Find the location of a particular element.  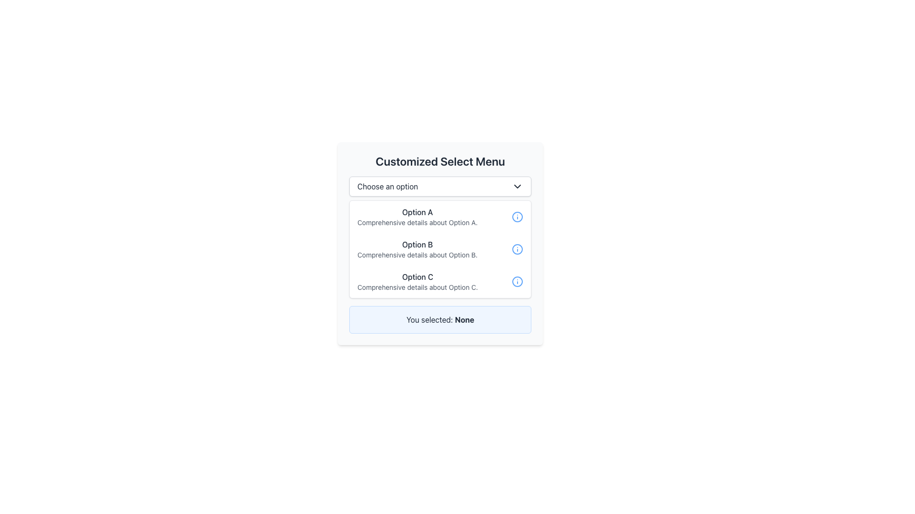

the decorative or informative visual icon located in the bottom-right corner of the third card labeled 'Option C' is located at coordinates (517, 281).